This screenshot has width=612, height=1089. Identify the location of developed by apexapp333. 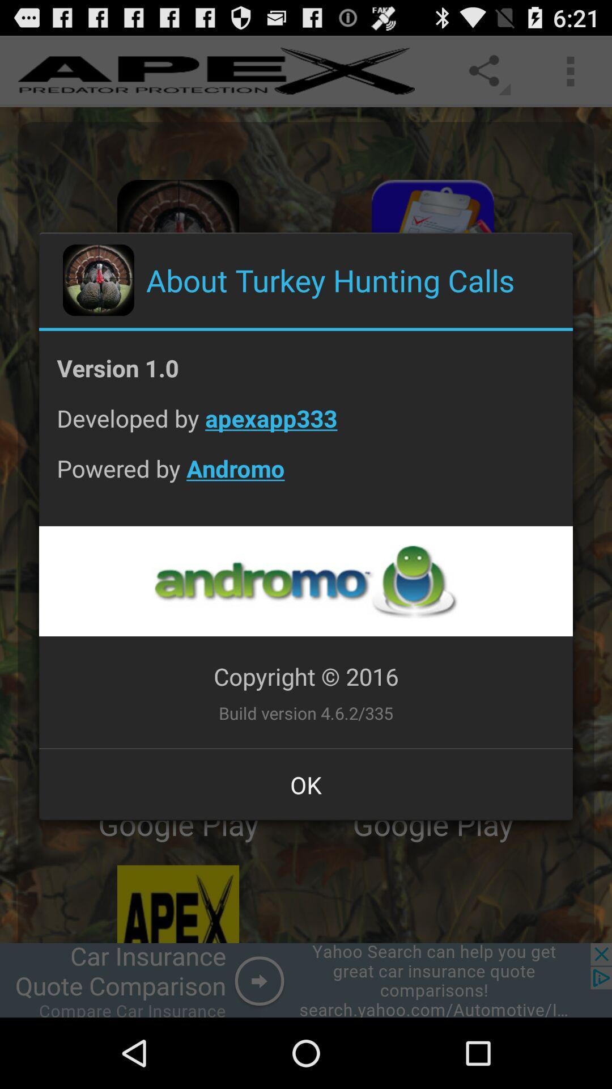
(306, 427).